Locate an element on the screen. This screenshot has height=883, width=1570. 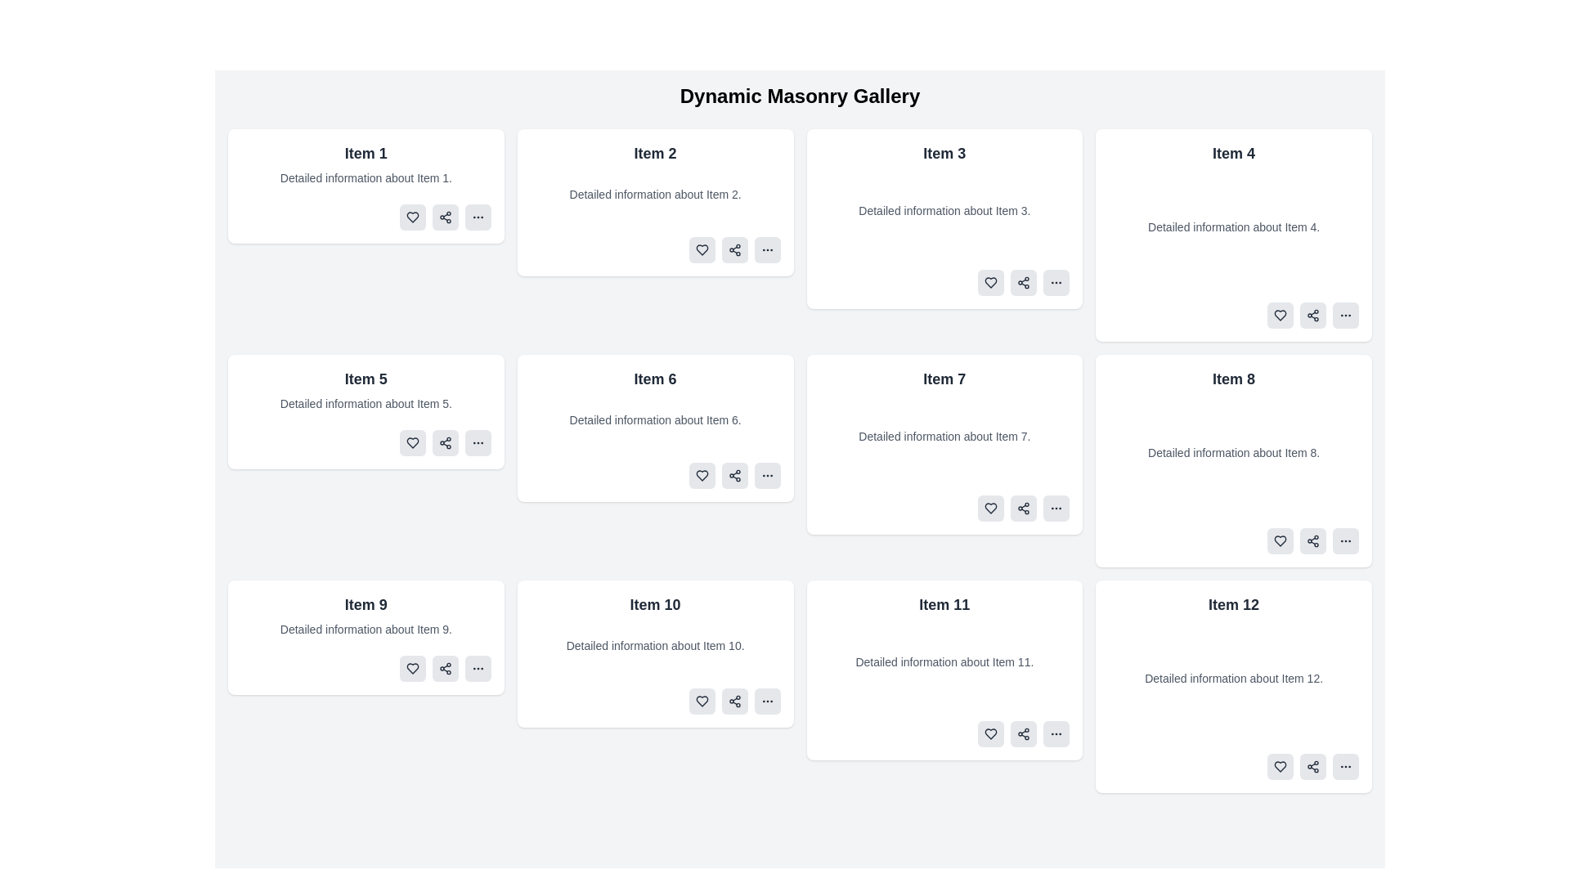
the 'share' button located in the lower right corner of the card labeled 'Item 7' is located at coordinates (1023, 507).